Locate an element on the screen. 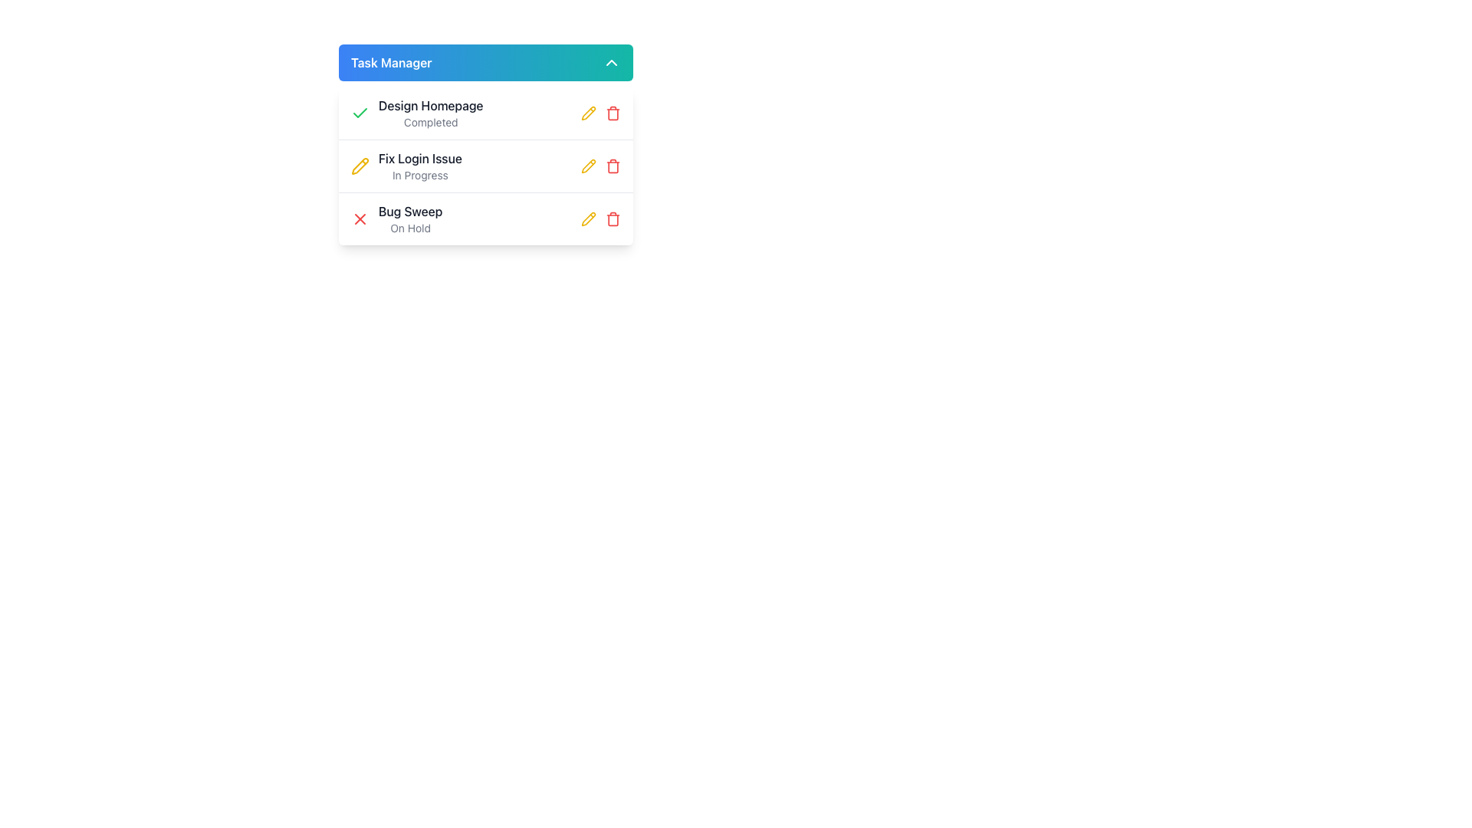  the trash bin icon, which is red and positioned to the right of the 'Fix Login Issue' task in the interactive icon group is located at coordinates (600, 166).